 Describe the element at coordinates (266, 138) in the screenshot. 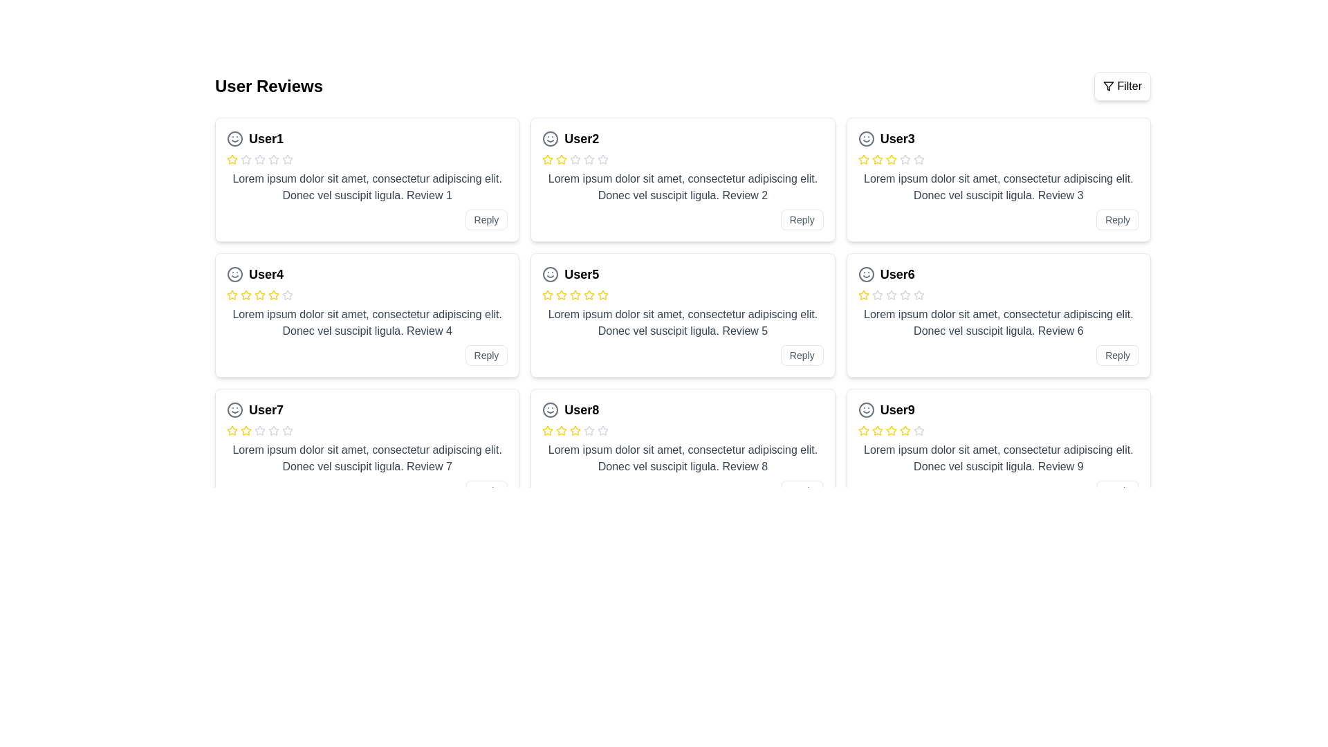

I see `the username text label that displays the first user's name under the 'User Reviews' section in the top-left corner of the grid layout` at that location.